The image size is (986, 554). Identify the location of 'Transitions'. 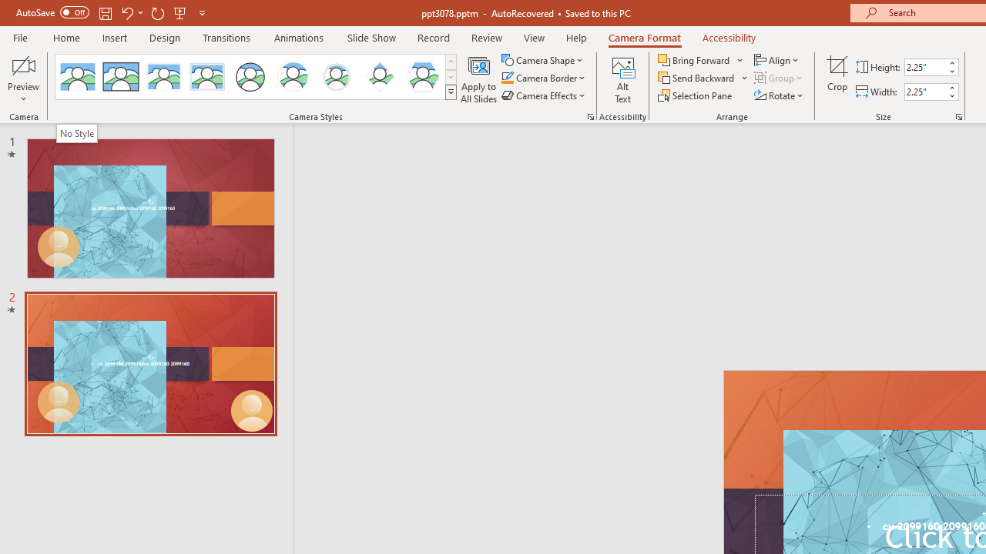
(226, 37).